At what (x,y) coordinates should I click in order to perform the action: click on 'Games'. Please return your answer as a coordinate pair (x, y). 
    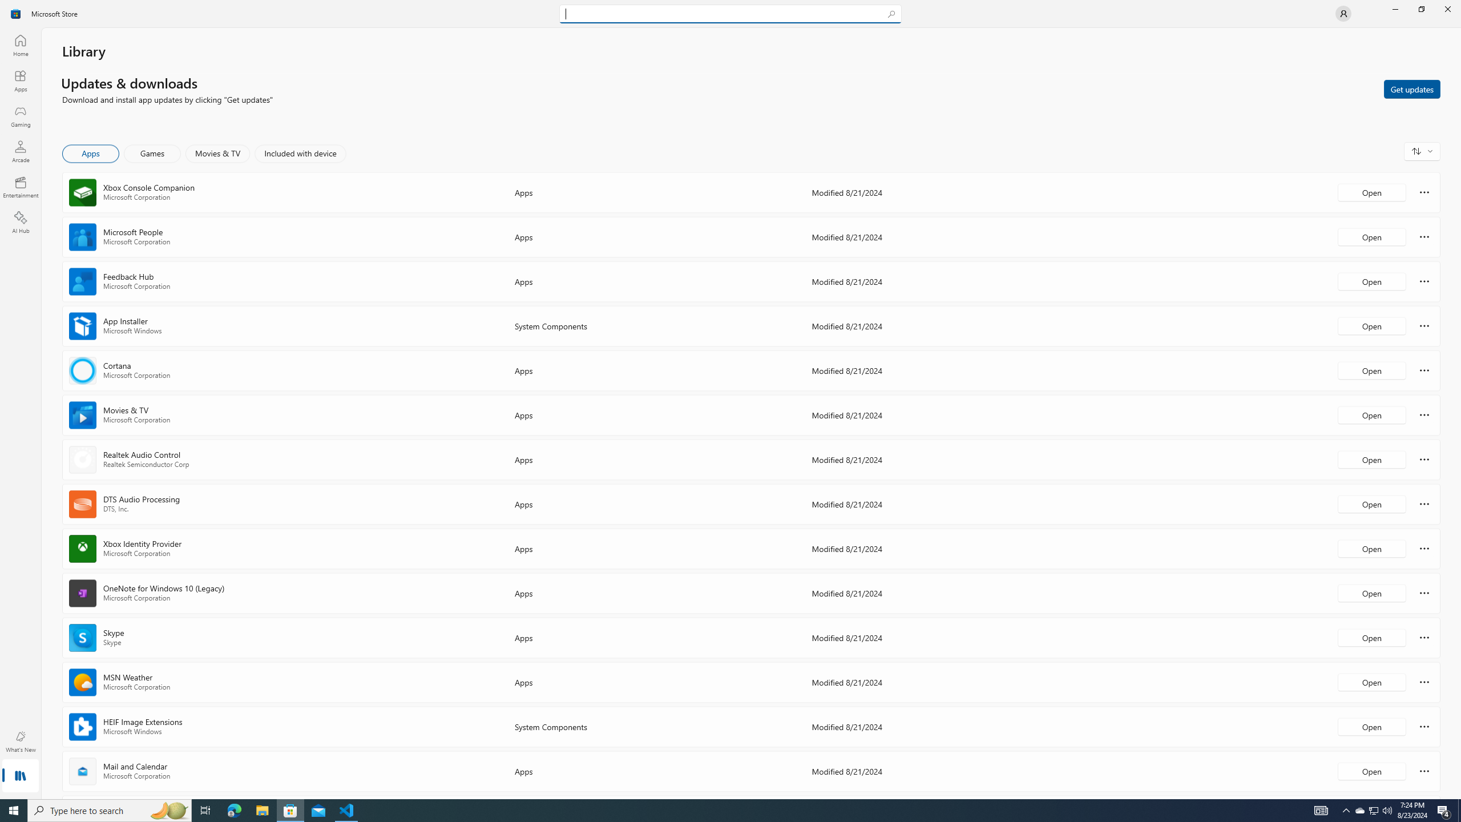
    Looking at the image, I should click on (152, 153).